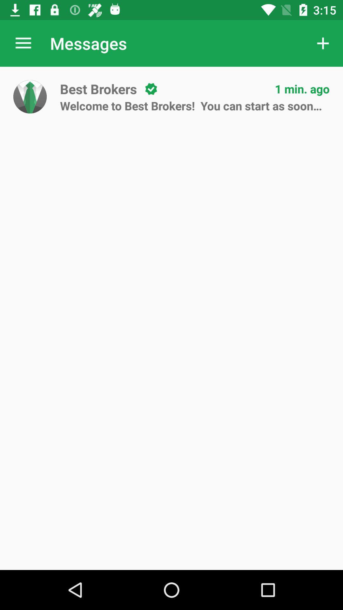 The width and height of the screenshot is (343, 610). Describe the element at coordinates (323, 43) in the screenshot. I see `the item next to messages item` at that location.